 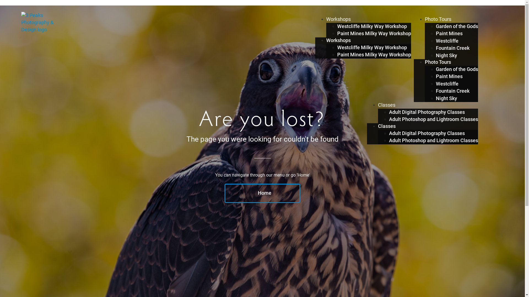 What do you see at coordinates (436, 69) in the screenshot?
I see `'Garden of the Gods'` at bounding box center [436, 69].